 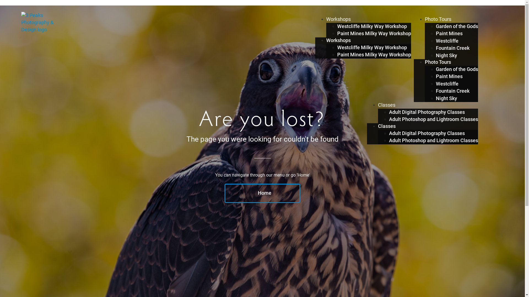 What do you see at coordinates (436, 69) in the screenshot?
I see `'Garden of the Gods'` at bounding box center [436, 69].